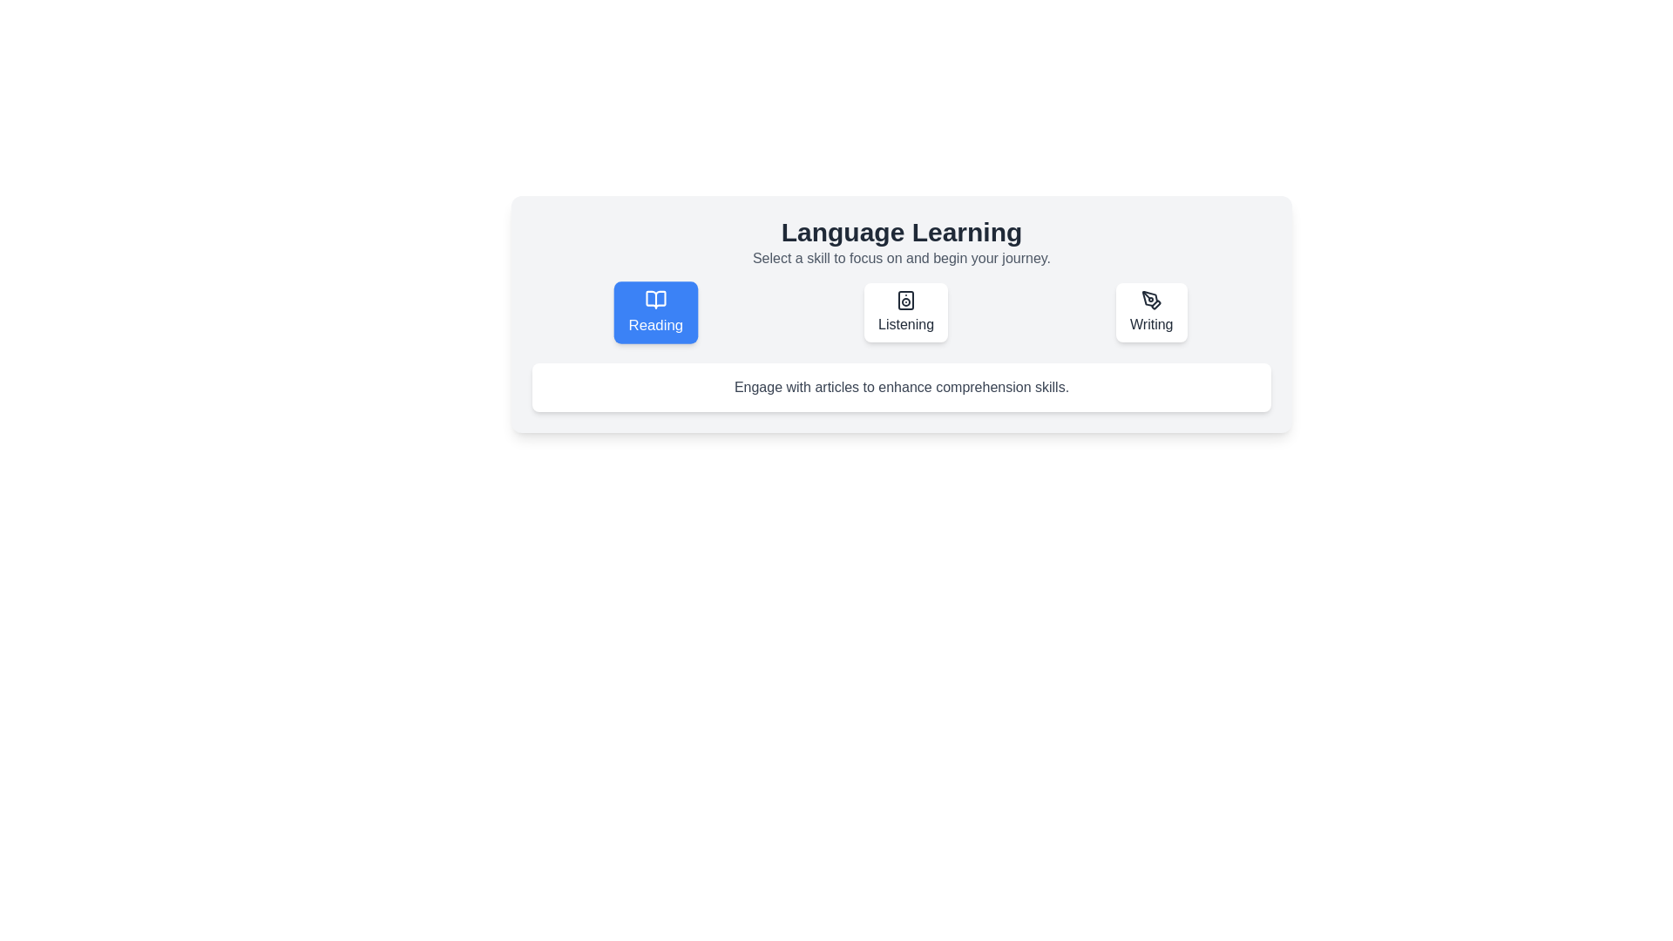 The image size is (1673, 941). What do you see at coordinates (655, 311) in the screenshot?
I see `the 'Reading' button, which is the leftmost button in a horizontal arrangement of buttons labeled 'Listening', 'Writing', and 'Reading'` at bounding box center [655, 311].